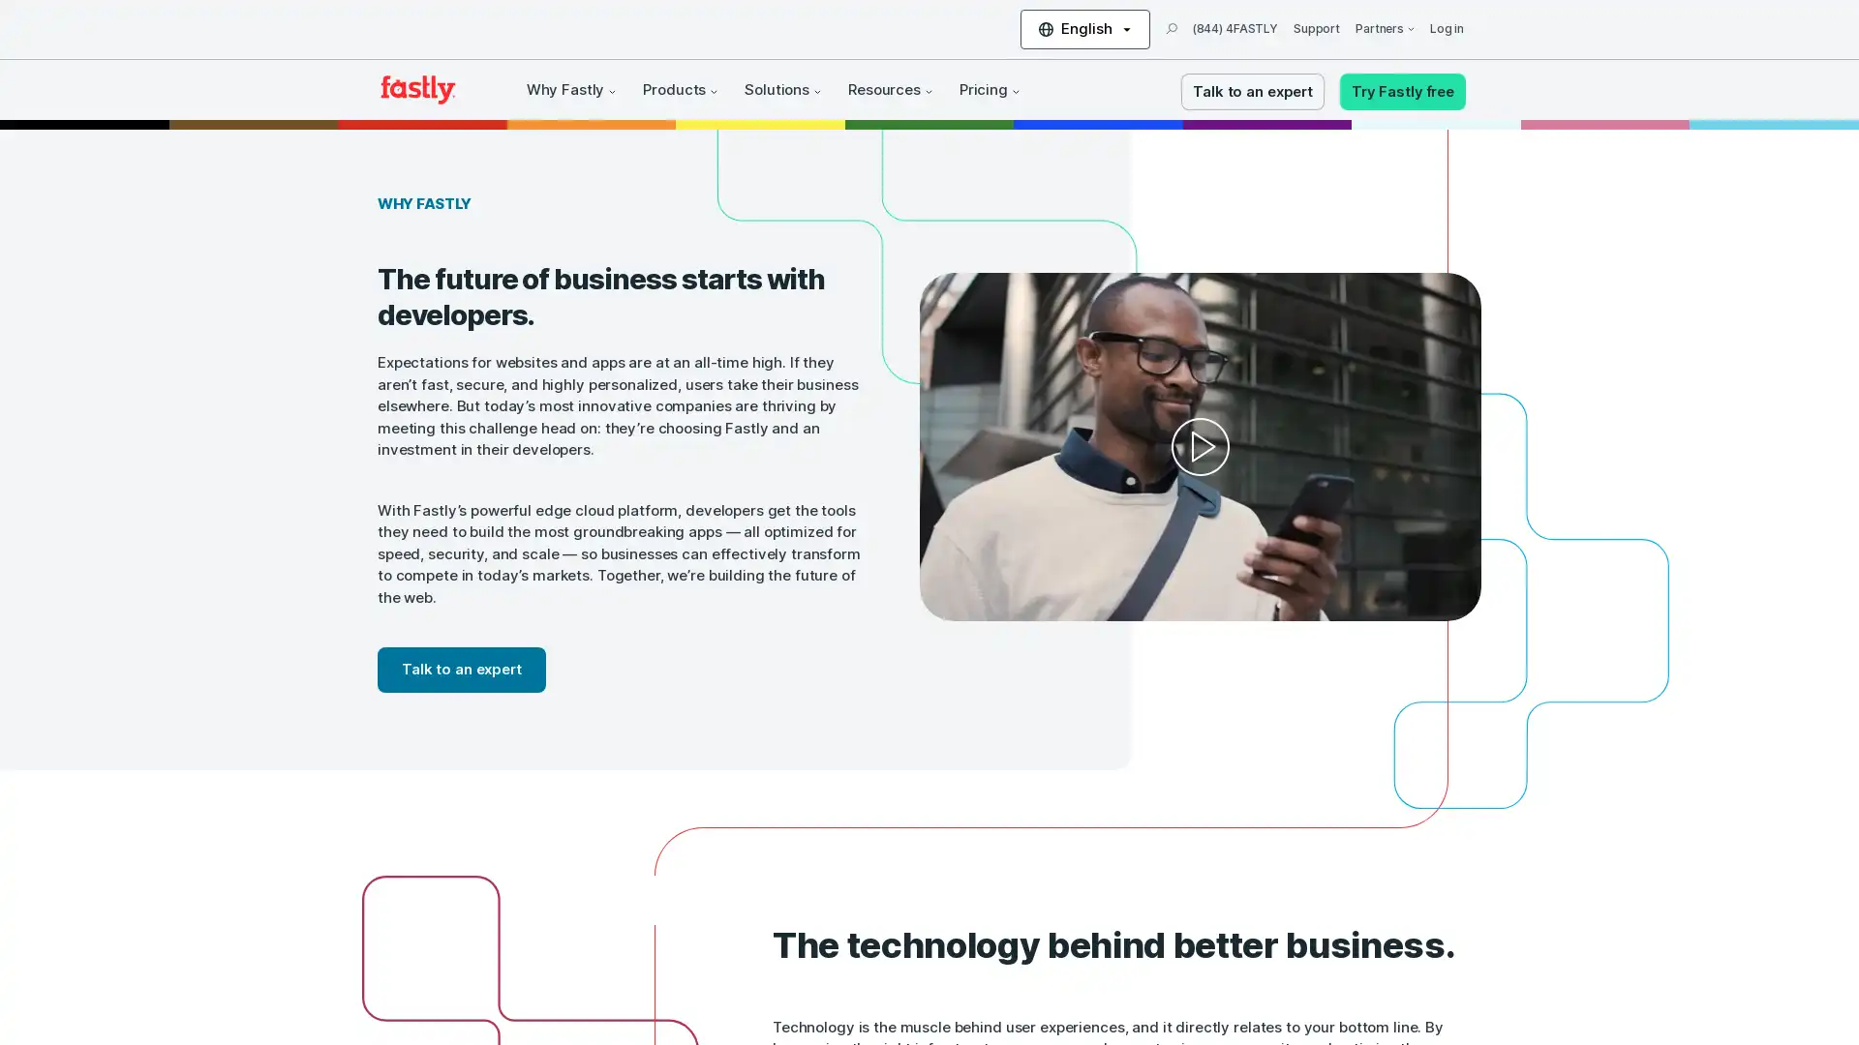 The width and height of the screenshot is (1859, 1045). What do you see at coordinates (197, 971) in the screenshot?
I see `Cookies Settings` at bounding box center [197, 971].